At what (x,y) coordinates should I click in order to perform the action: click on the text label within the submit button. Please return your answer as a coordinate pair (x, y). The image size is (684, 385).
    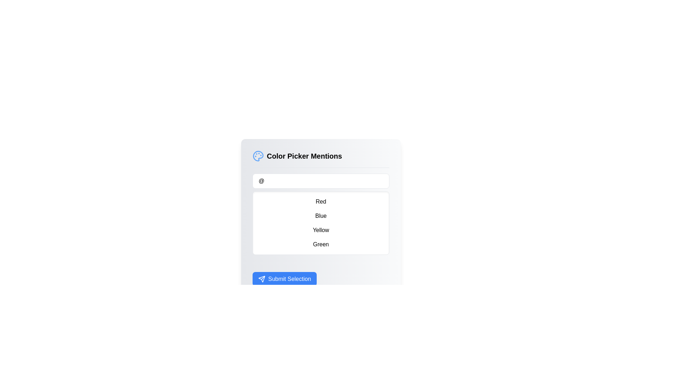
    Looking at the image, I should click on (290, 279).